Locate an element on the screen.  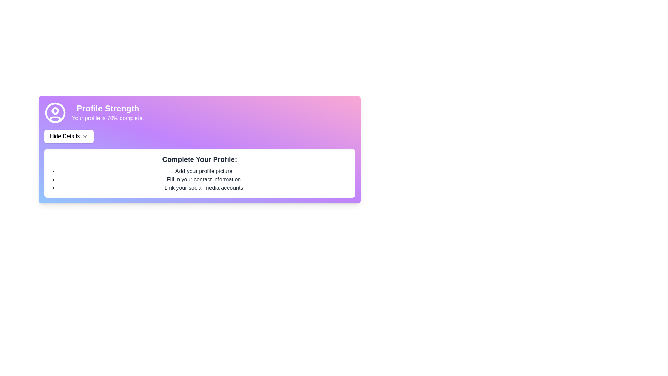
the Dropdown indicator icon (SVG) located on the right-hand side of the 'Hide Details' button, which serves as an indicator for expanding or collapsing content is located at coordinates (85, 136).